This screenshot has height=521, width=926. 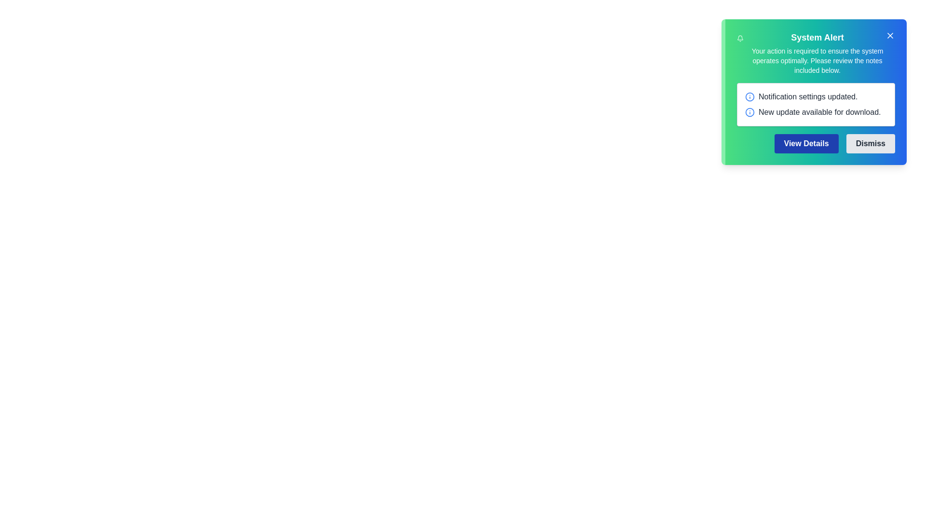 What do you see at coordinates (890, 35) in the screenshot?
I see `'X' button in the top-right corner of the alert to close it` at bounding box center [890, 35].